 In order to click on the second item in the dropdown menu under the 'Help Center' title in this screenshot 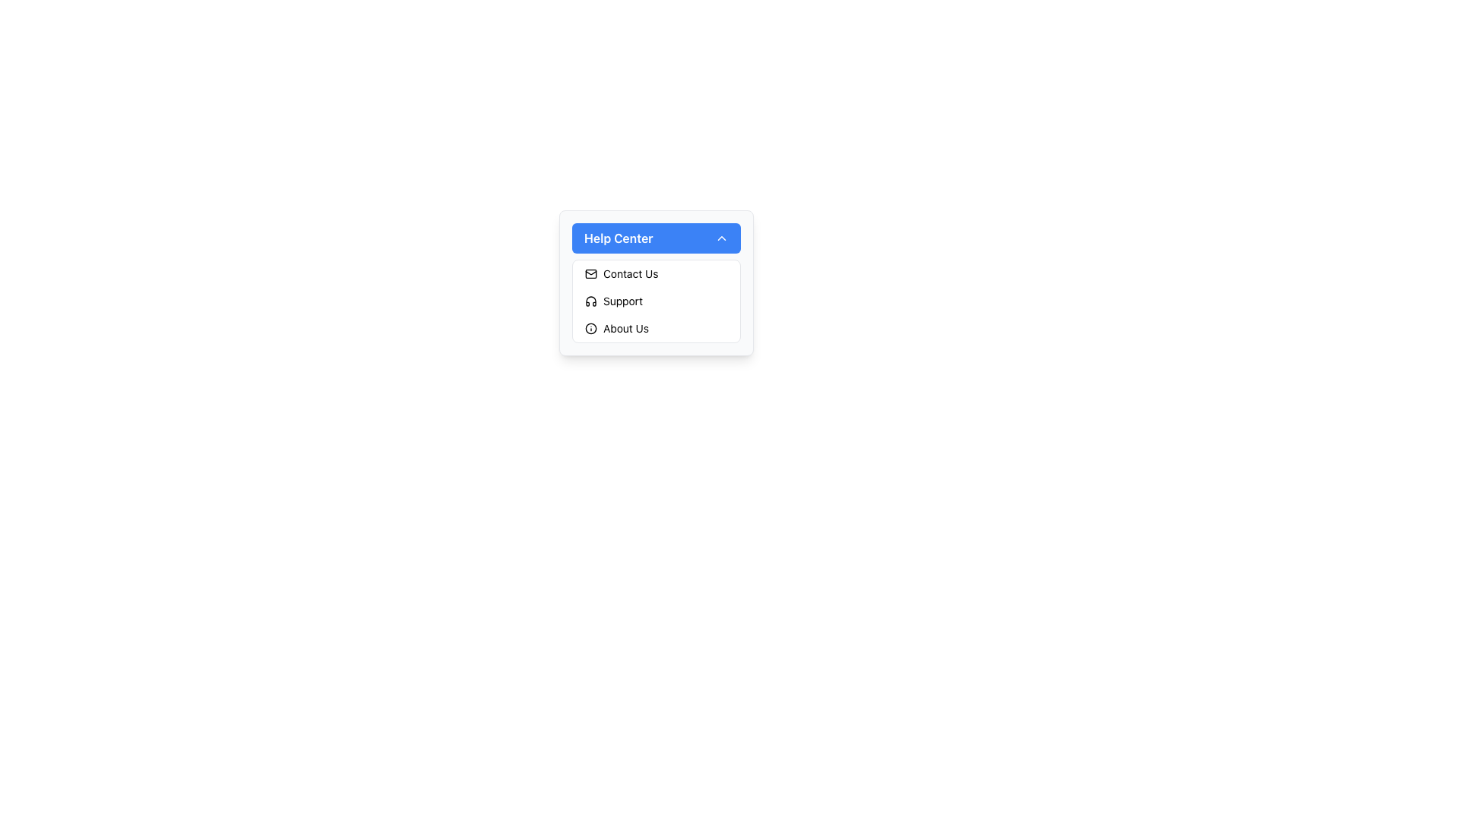, I will do `click(657, 301)`.